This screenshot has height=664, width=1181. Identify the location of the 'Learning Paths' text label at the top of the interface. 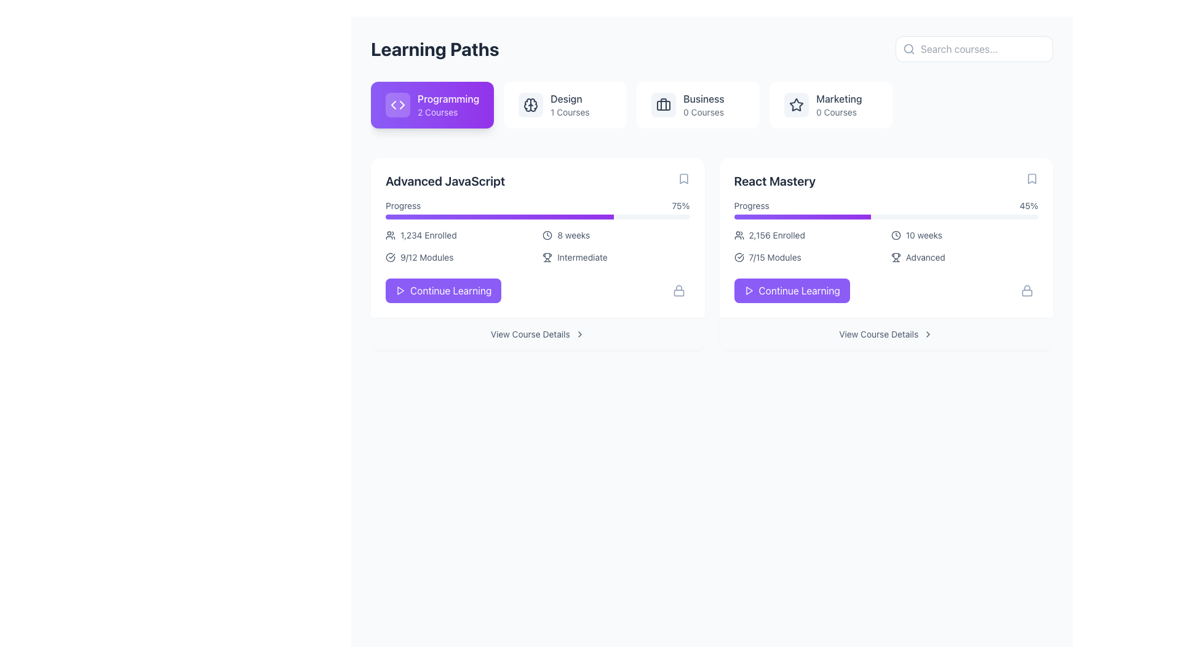
(435, 49).